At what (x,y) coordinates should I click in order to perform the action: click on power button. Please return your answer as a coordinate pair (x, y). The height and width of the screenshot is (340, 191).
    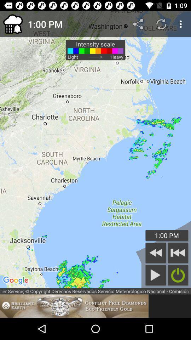
    Looking at the image, I should click on (178, 275).